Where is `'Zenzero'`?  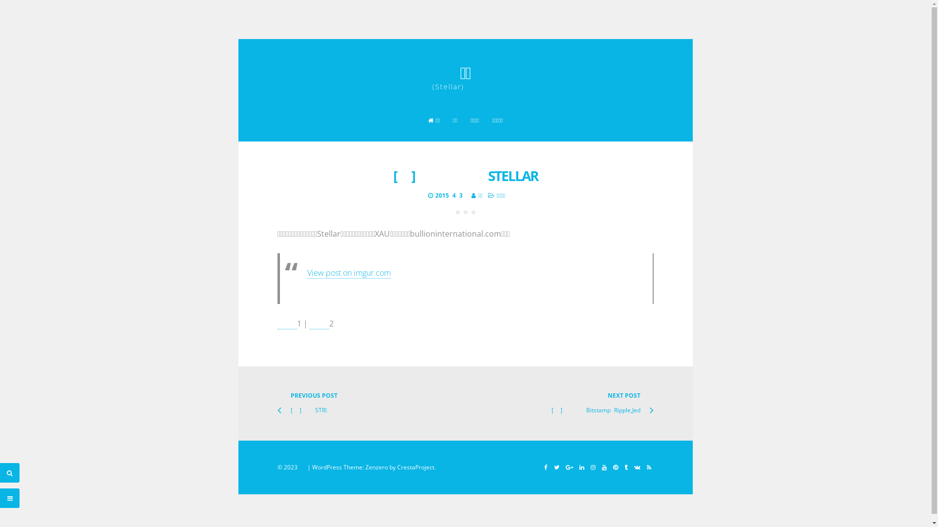 'Zenzero' is located at coordinates (376, 466).